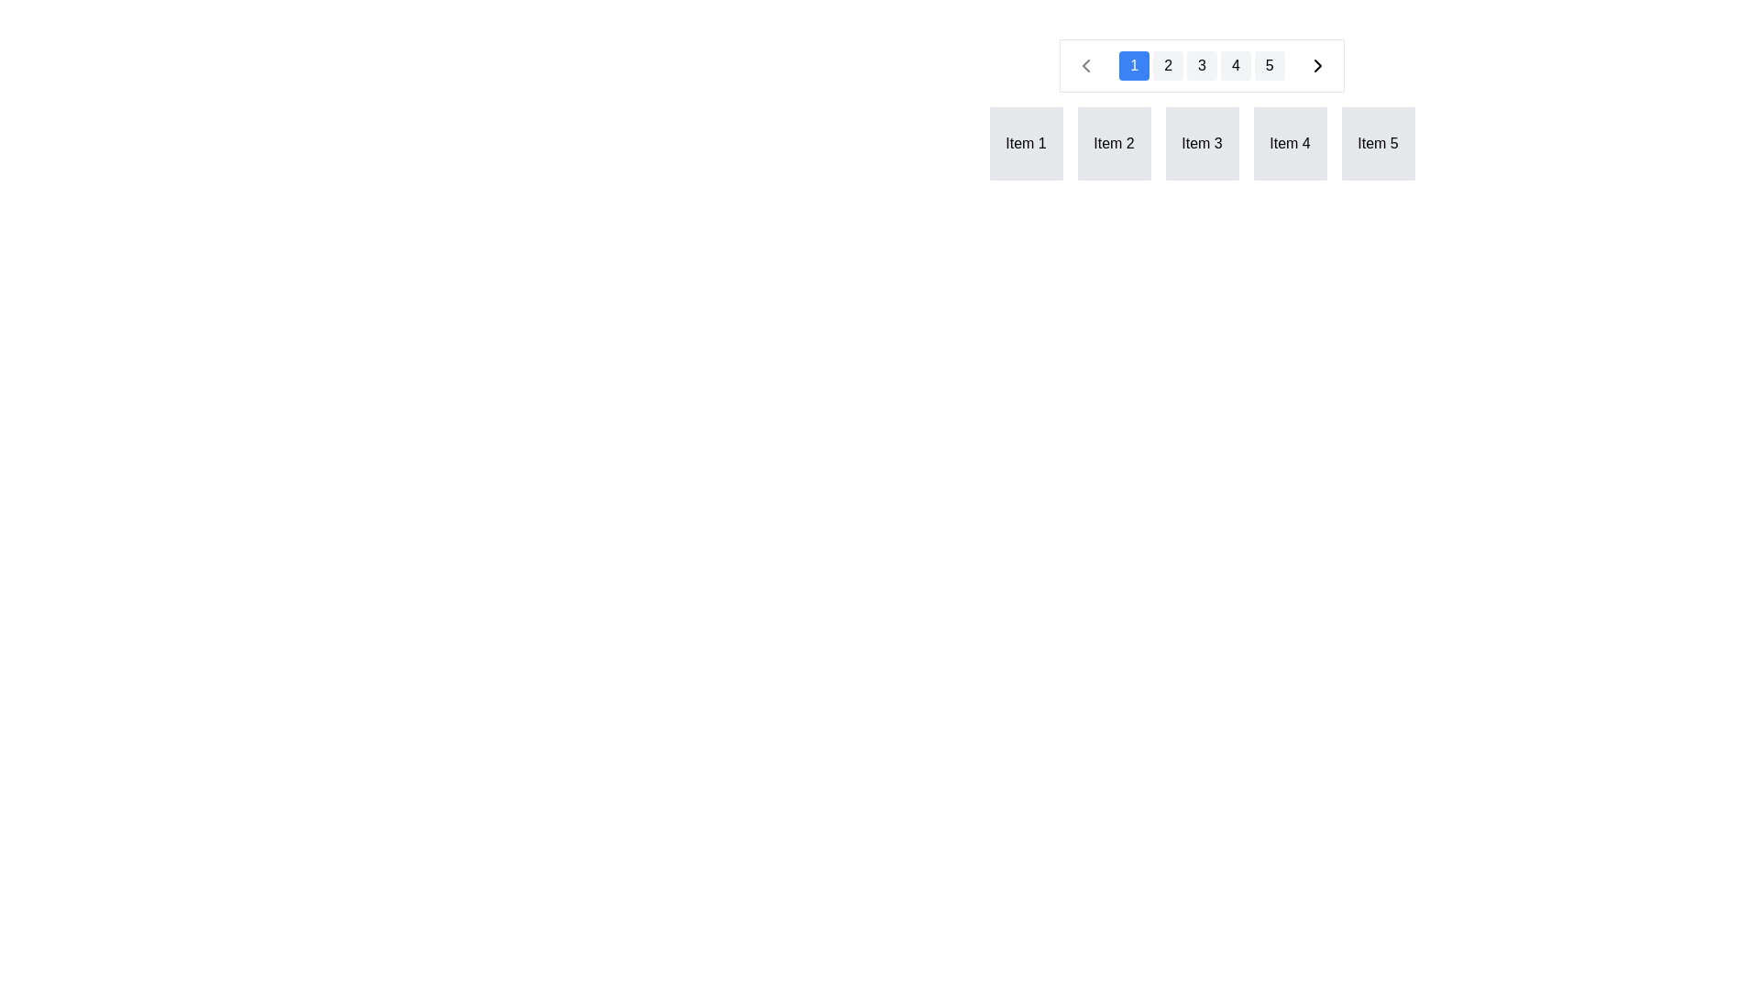 This screenshot has width=1760, height=990. I want to click on label of the third item in a horizontal sequence of items labeled from 'Item 1' to 'Item 5', so click(1202, 143).